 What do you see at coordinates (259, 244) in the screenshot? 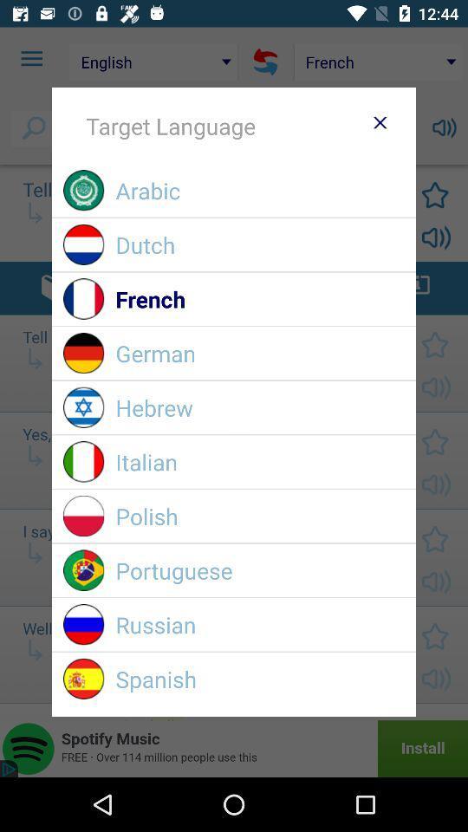
I see `icon below the arabic icon` at bounding box center [259, 244].